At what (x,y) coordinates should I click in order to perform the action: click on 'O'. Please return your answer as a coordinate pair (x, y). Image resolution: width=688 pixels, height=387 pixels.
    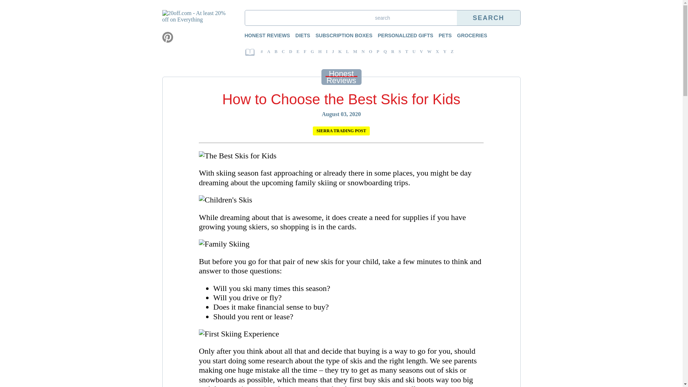
    Looking at the image, I should click on (371, 51).